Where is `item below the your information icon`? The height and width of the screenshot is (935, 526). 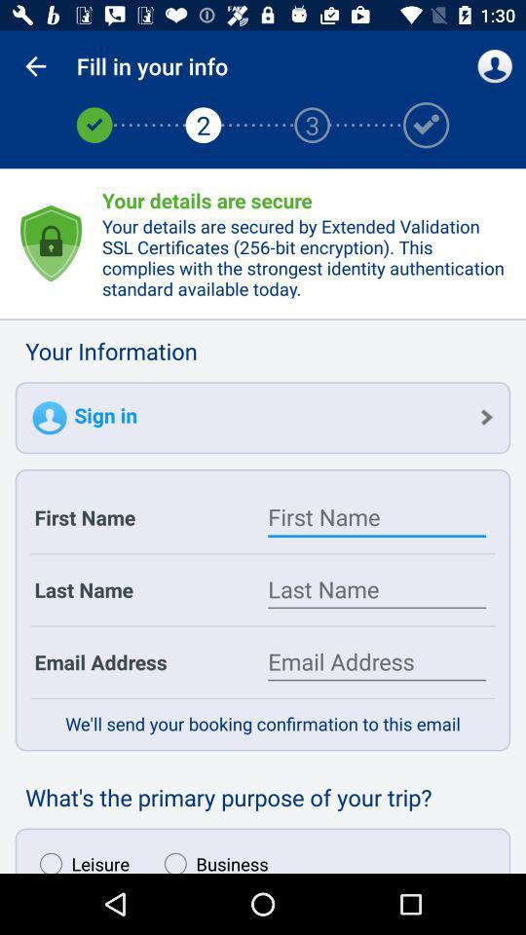
item below the your information icon is located at coordinates (263, 418).